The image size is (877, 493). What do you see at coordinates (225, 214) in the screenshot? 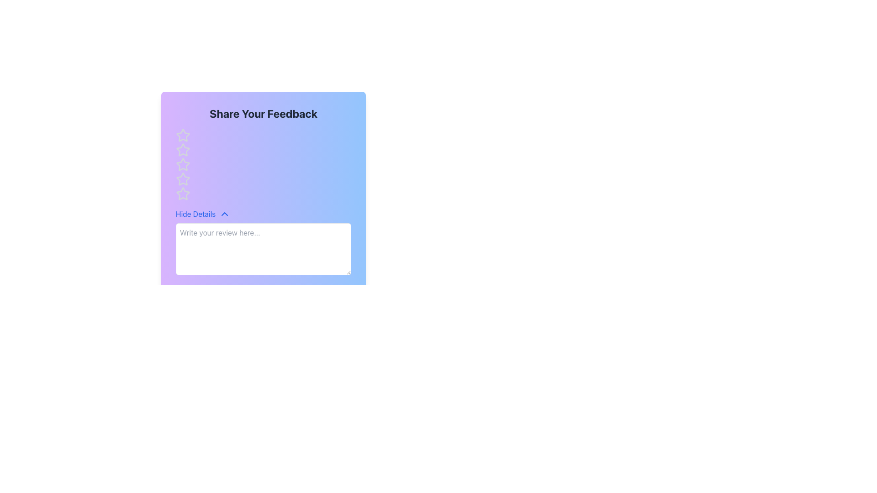
I see `the upward-pointing chevron icon next to the 'Hide Details' text` at bounding box center [225, 214].